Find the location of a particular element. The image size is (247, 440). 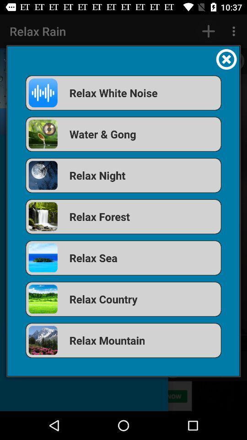

the app below the relax sea is located at coordinates (123, 298).